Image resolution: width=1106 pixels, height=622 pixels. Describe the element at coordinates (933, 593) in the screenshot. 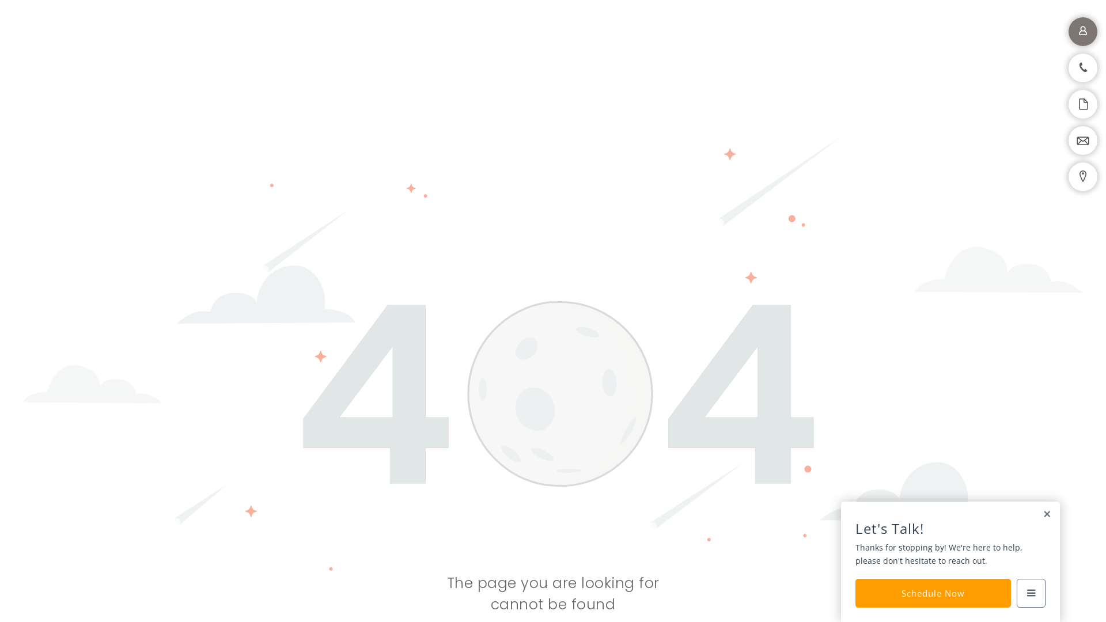

I see `'Schedule Now'` at that location.